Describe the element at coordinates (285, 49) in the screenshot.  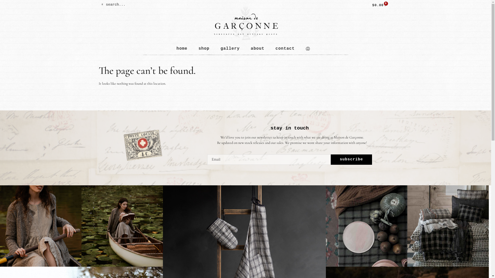
I see `'contact'` at that location.